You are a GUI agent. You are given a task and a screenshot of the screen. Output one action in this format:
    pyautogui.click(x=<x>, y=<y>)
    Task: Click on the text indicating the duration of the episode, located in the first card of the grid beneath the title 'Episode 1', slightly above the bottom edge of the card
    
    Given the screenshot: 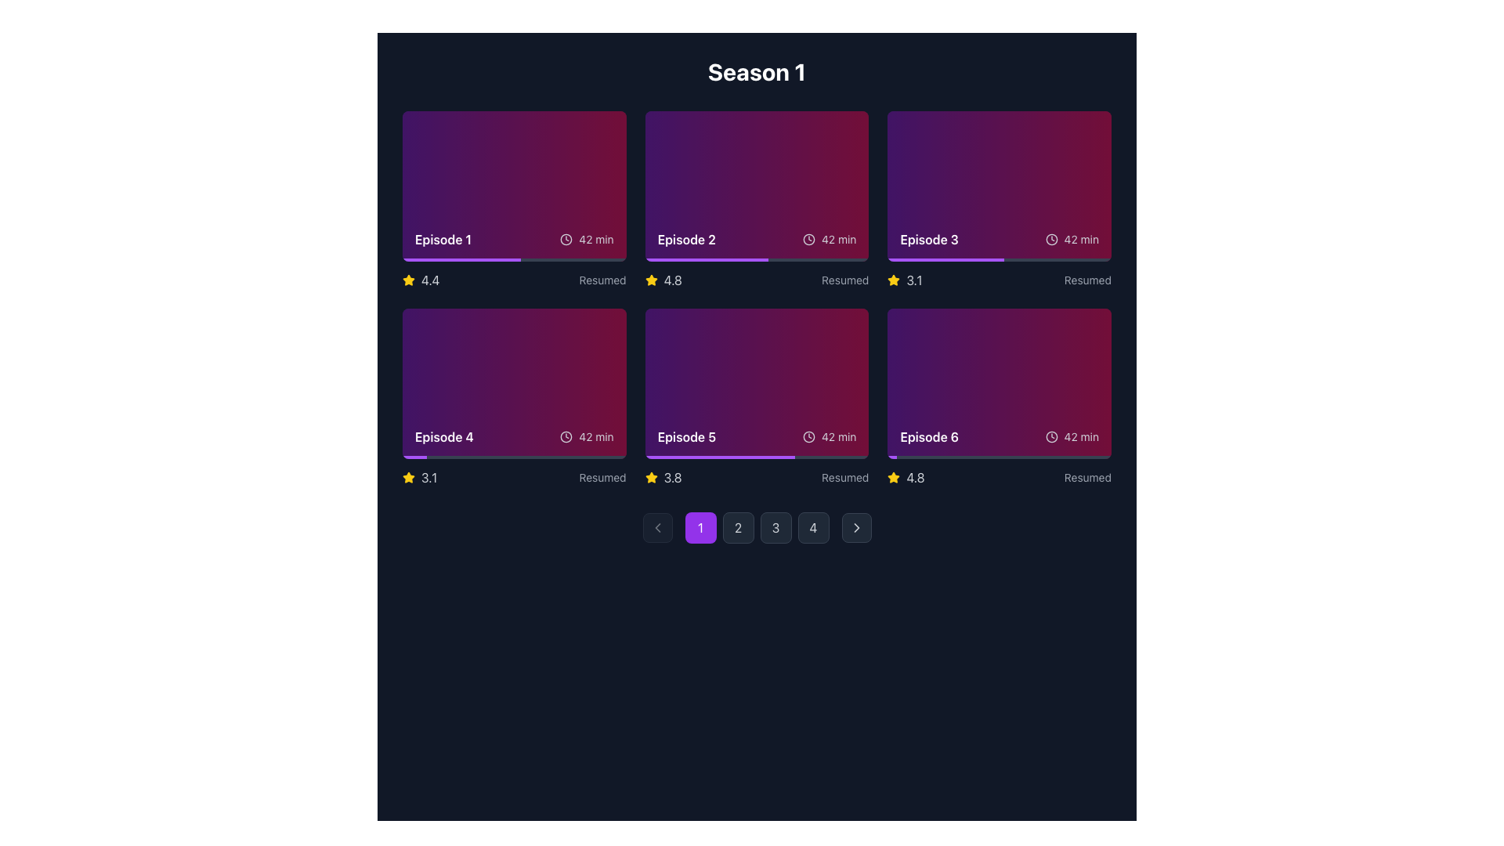 What is the action you would take?
    pyautogui.click(x=586, y=239)
    